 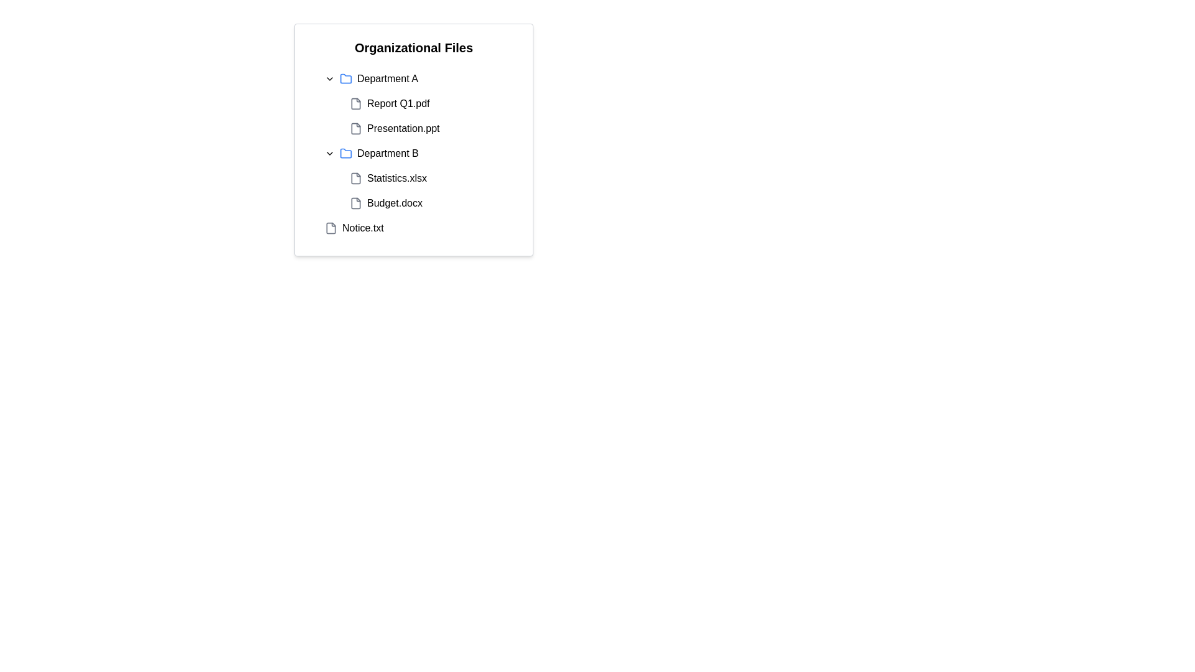 I want to click on the 'Department A' directory in the first position of the 'Organizational Files' tree view, so click(x=370, y=79).